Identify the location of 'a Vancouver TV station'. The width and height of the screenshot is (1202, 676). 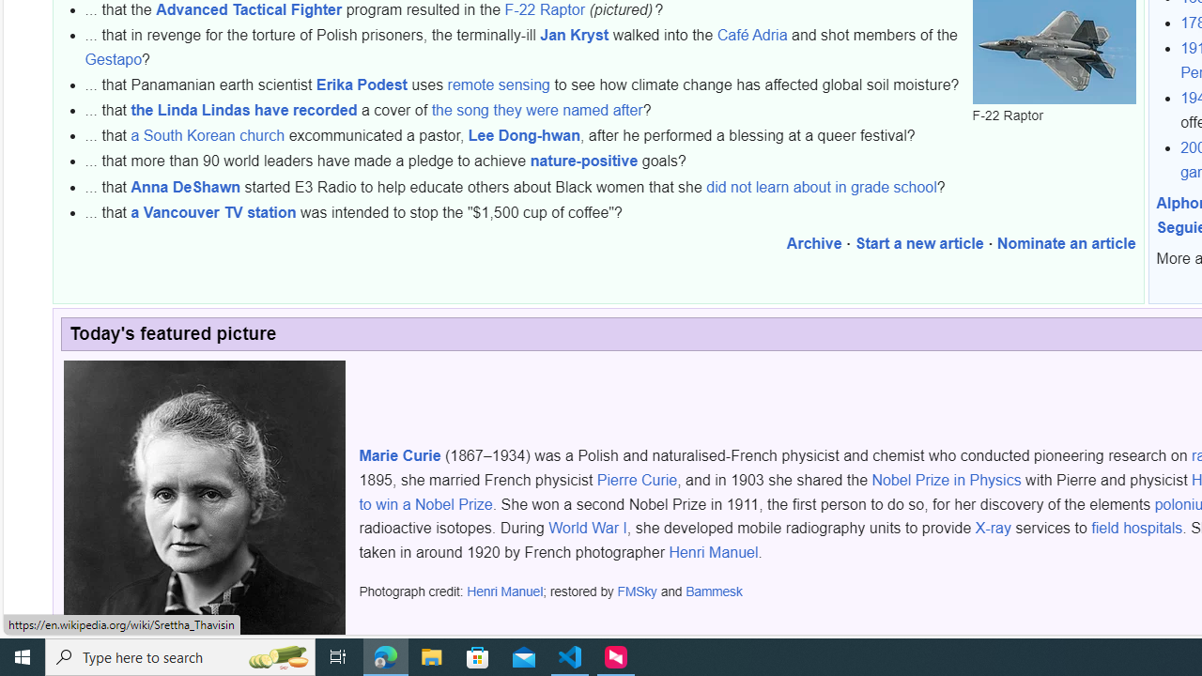
(213, 211).